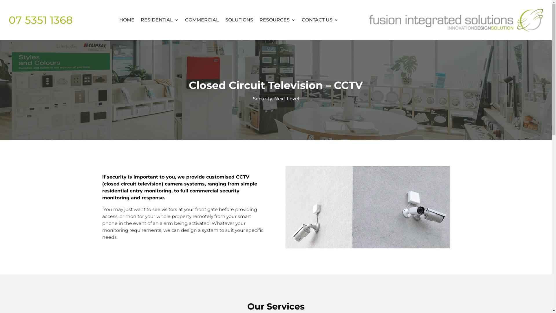 This screenshot has width=556, height=313. What do you see at coordinates (239, 20) in the screenshot?
I see `'SOLUTIONS'` at bounding box center [239, 20].